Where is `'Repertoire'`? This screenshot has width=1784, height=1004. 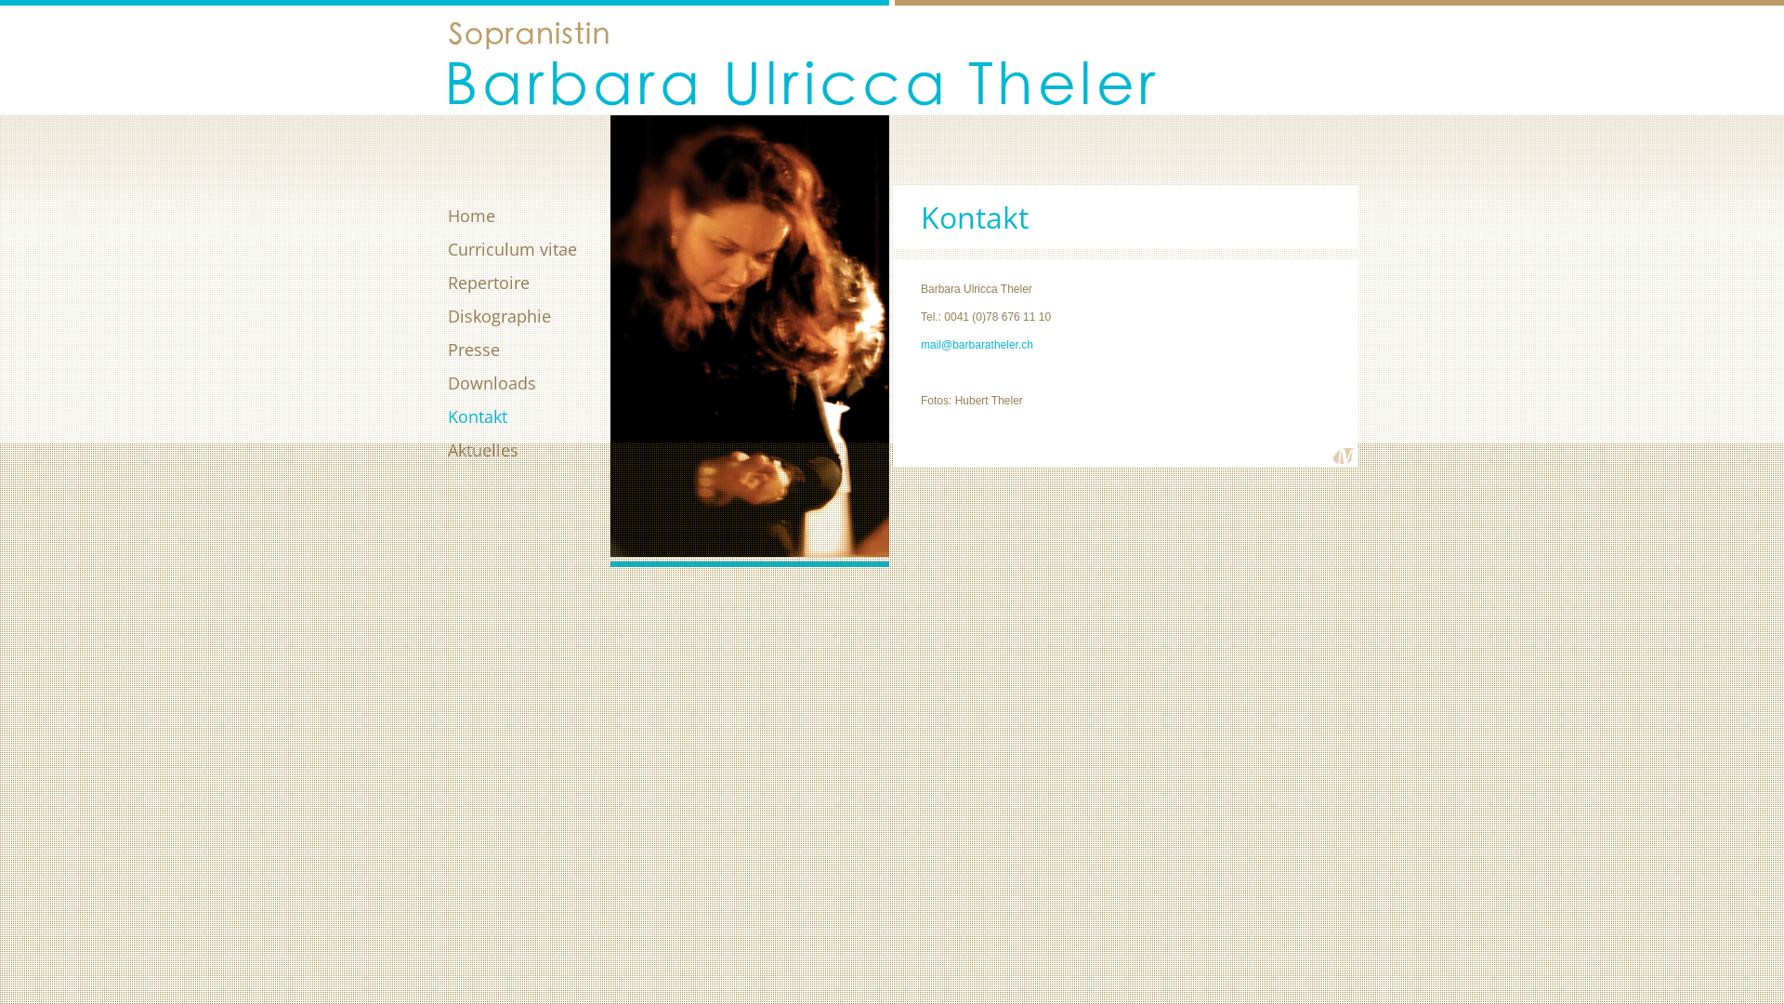
'Repertoire' is located at coordinates (528, 283).